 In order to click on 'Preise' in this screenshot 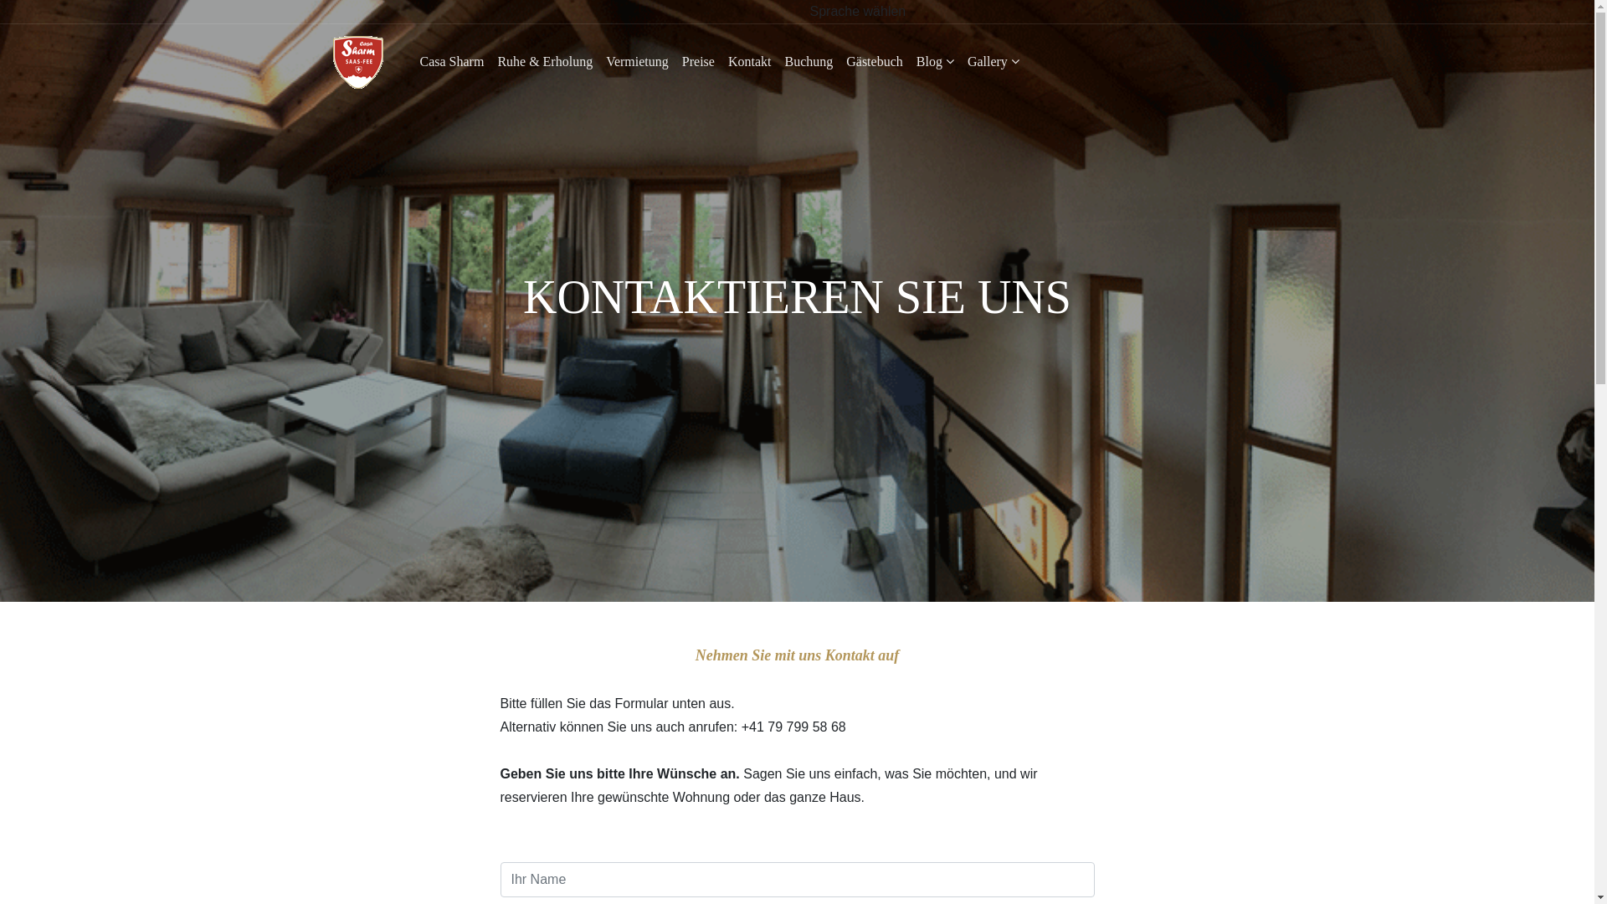, I will do `click(698, 60)`.